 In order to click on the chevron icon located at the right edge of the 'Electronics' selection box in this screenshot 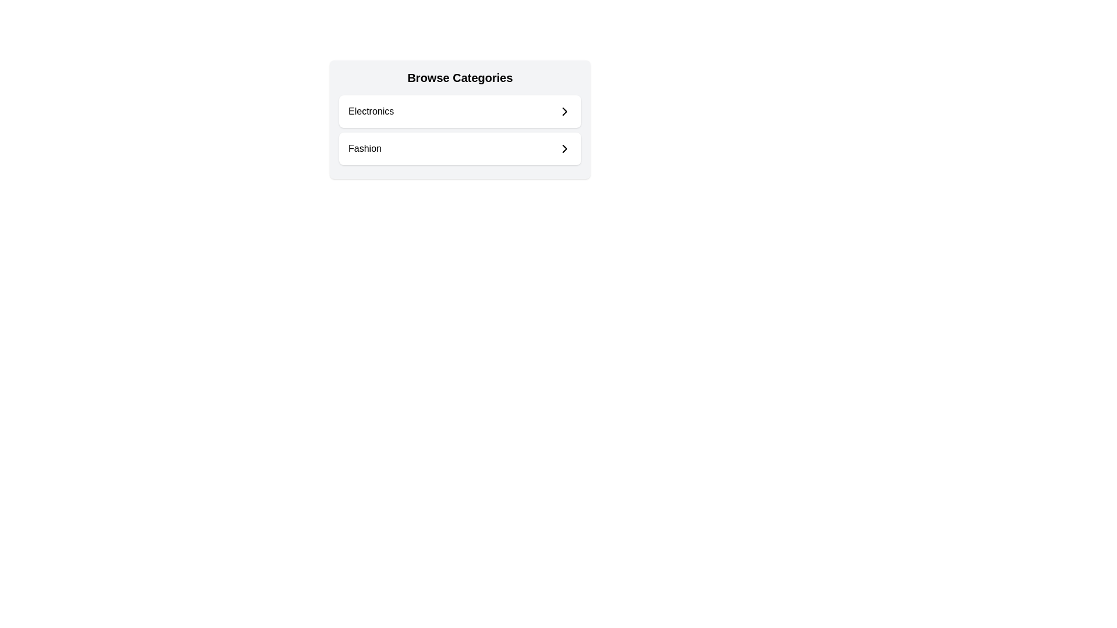, I will do `click(564, 112)`.